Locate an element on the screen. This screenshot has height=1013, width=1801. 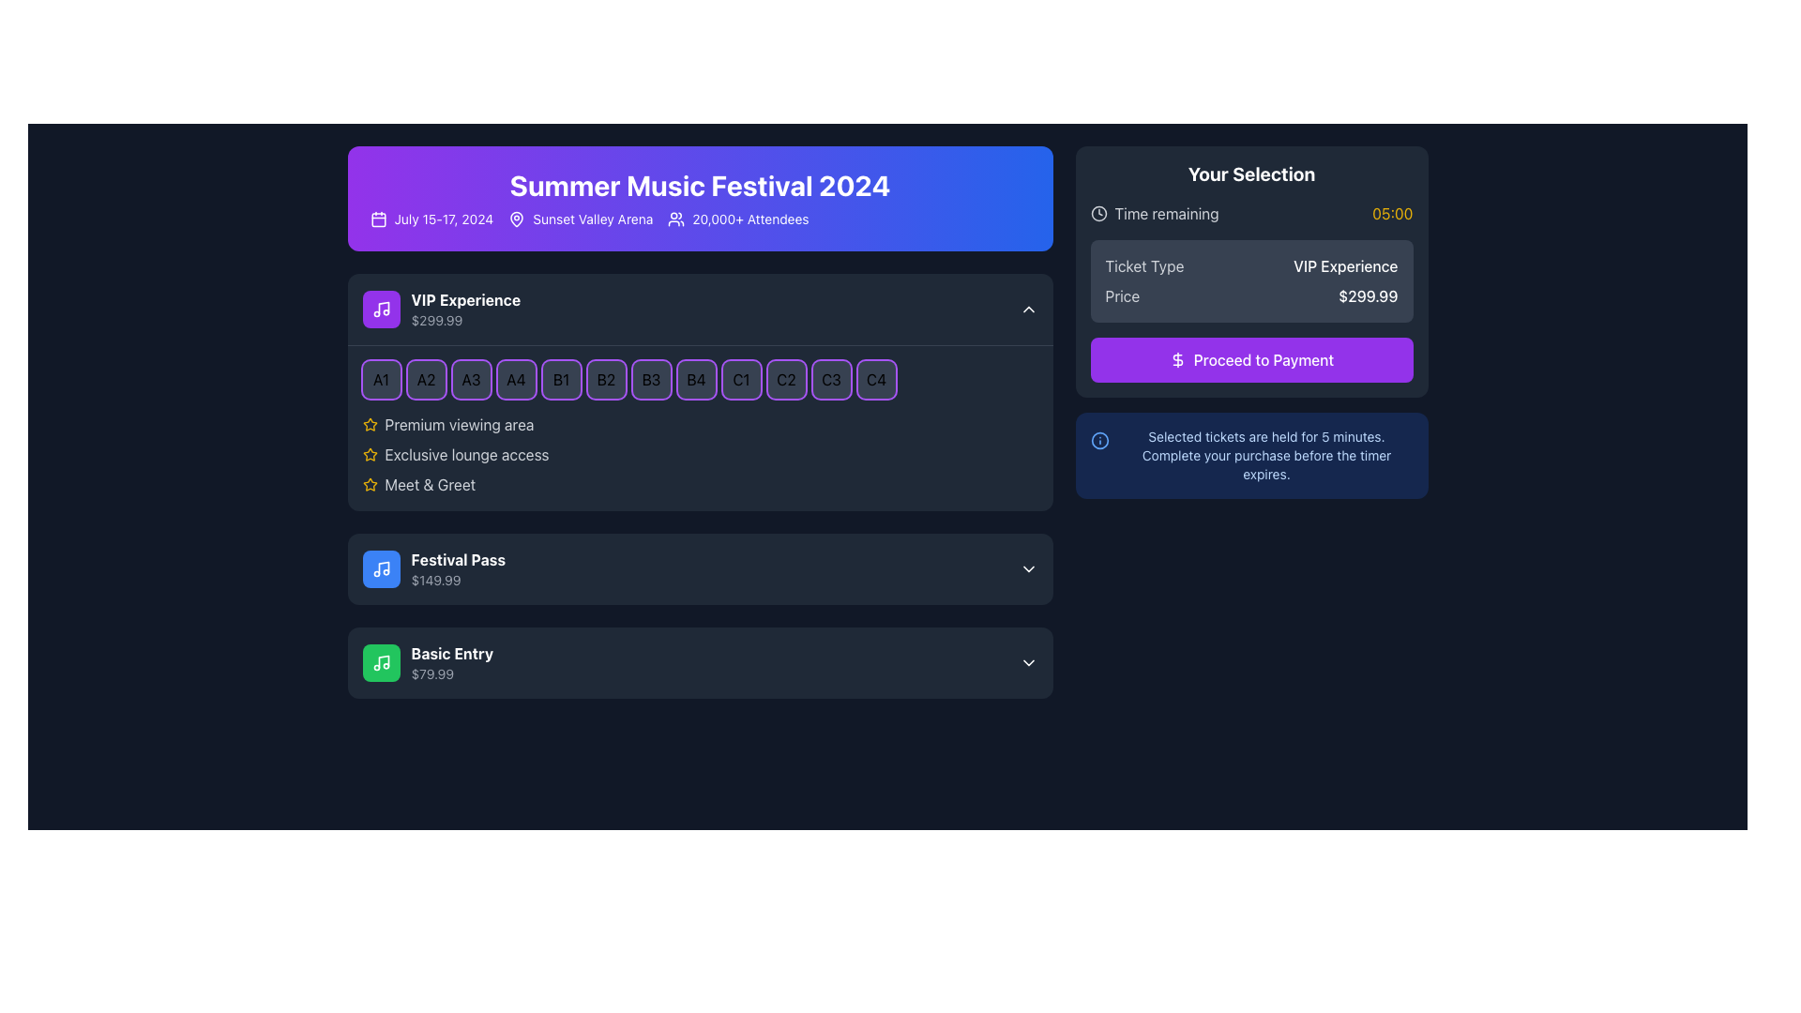
the 'A2' button, which is a square-shaped button with a dark gray background and a thin purple outline is located at coordinates (425, 380).